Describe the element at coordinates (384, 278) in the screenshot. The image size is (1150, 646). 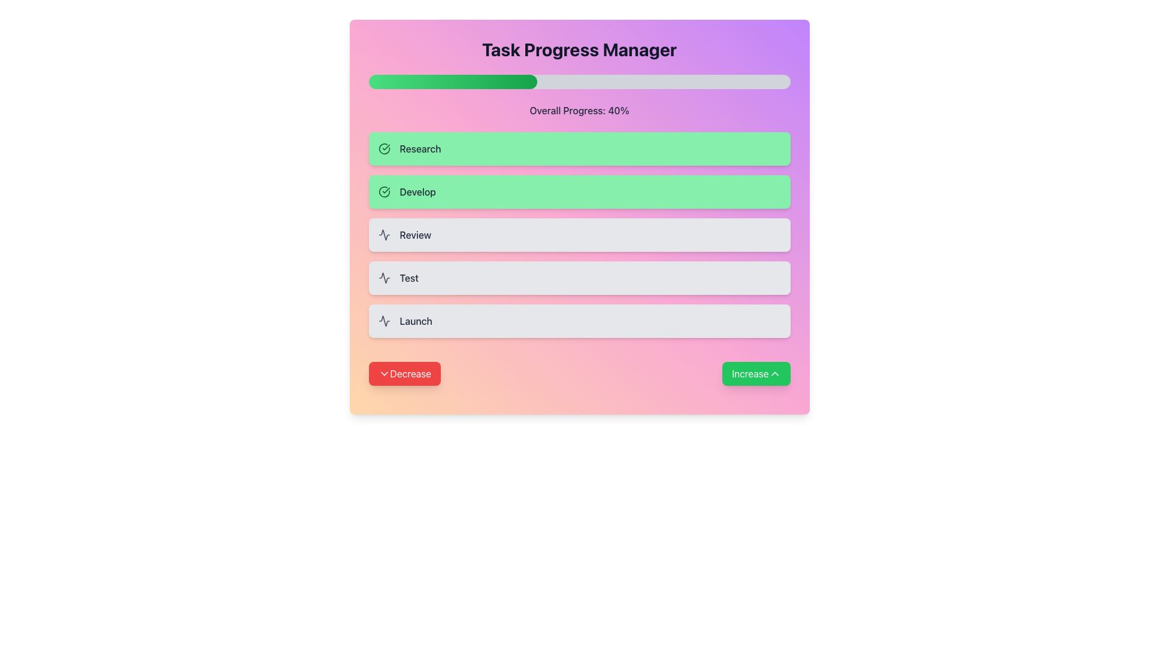
I see `the small square-shaped icon resembling an activity monitor, which is located within the 'Test' card, to the left of the label text` at that location.